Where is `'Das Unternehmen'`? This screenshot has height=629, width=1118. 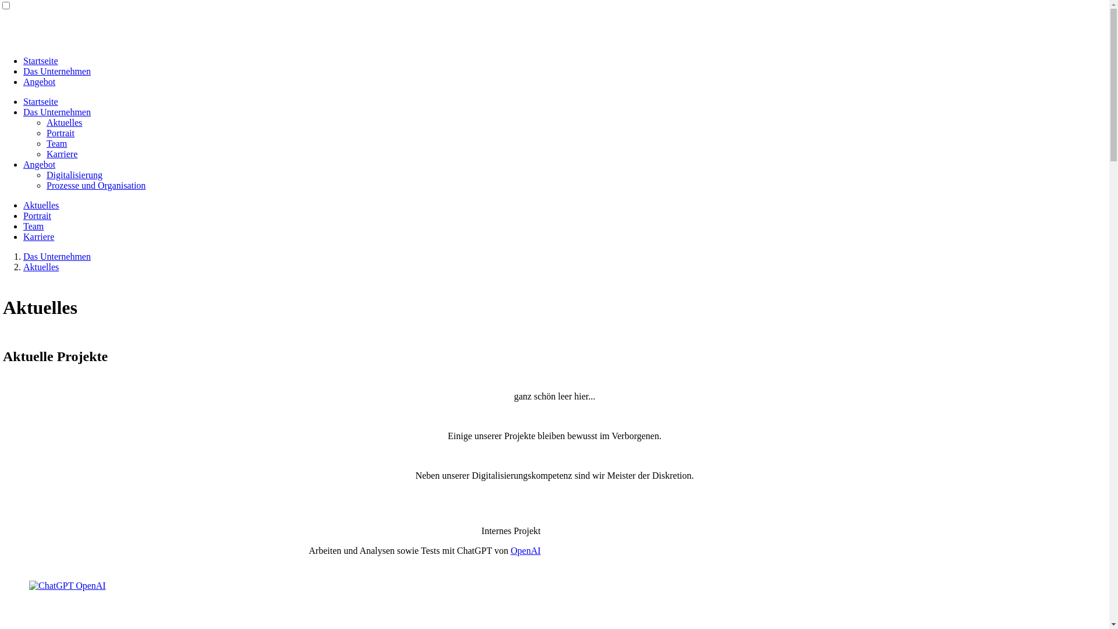
'Das Unternehmen' is located at coordinates (56, 256).